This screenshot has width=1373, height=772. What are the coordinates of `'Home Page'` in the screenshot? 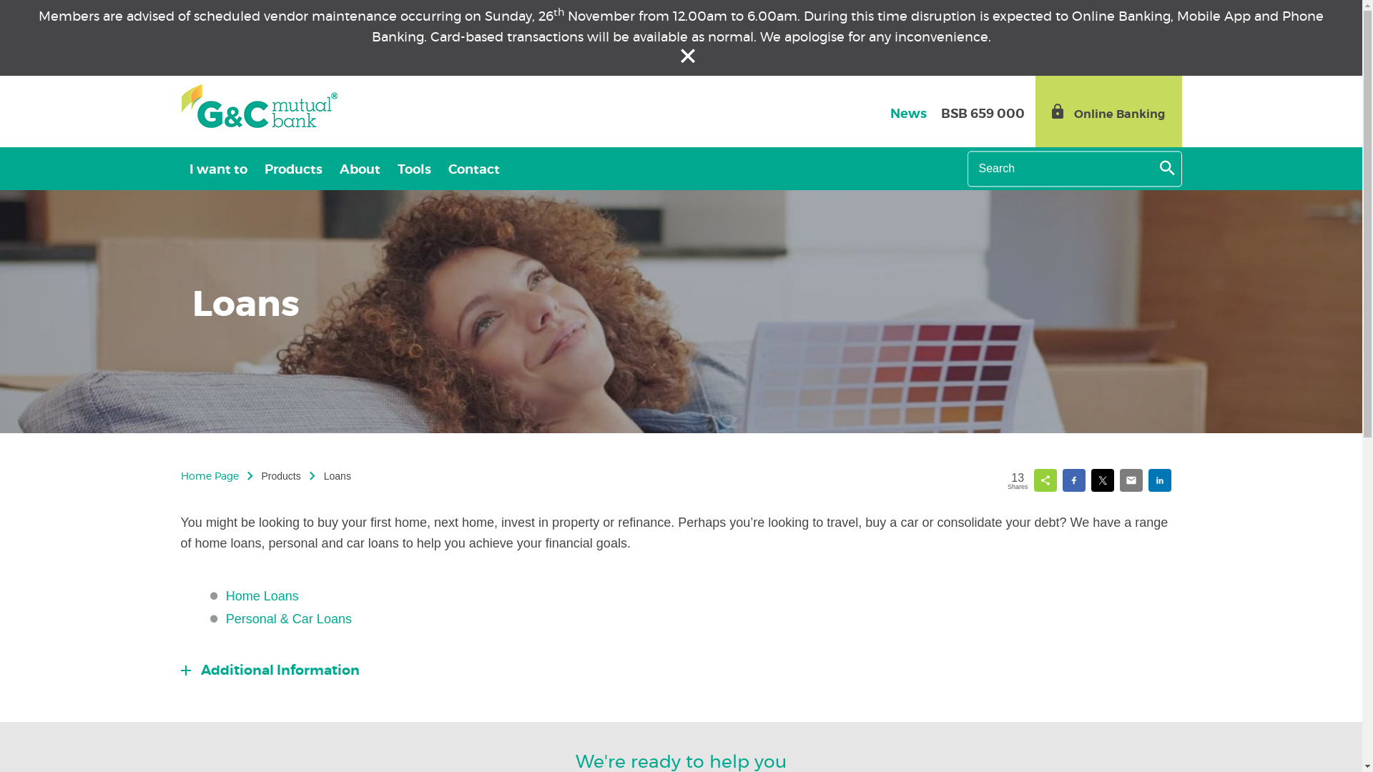 It's located at (208, 477).